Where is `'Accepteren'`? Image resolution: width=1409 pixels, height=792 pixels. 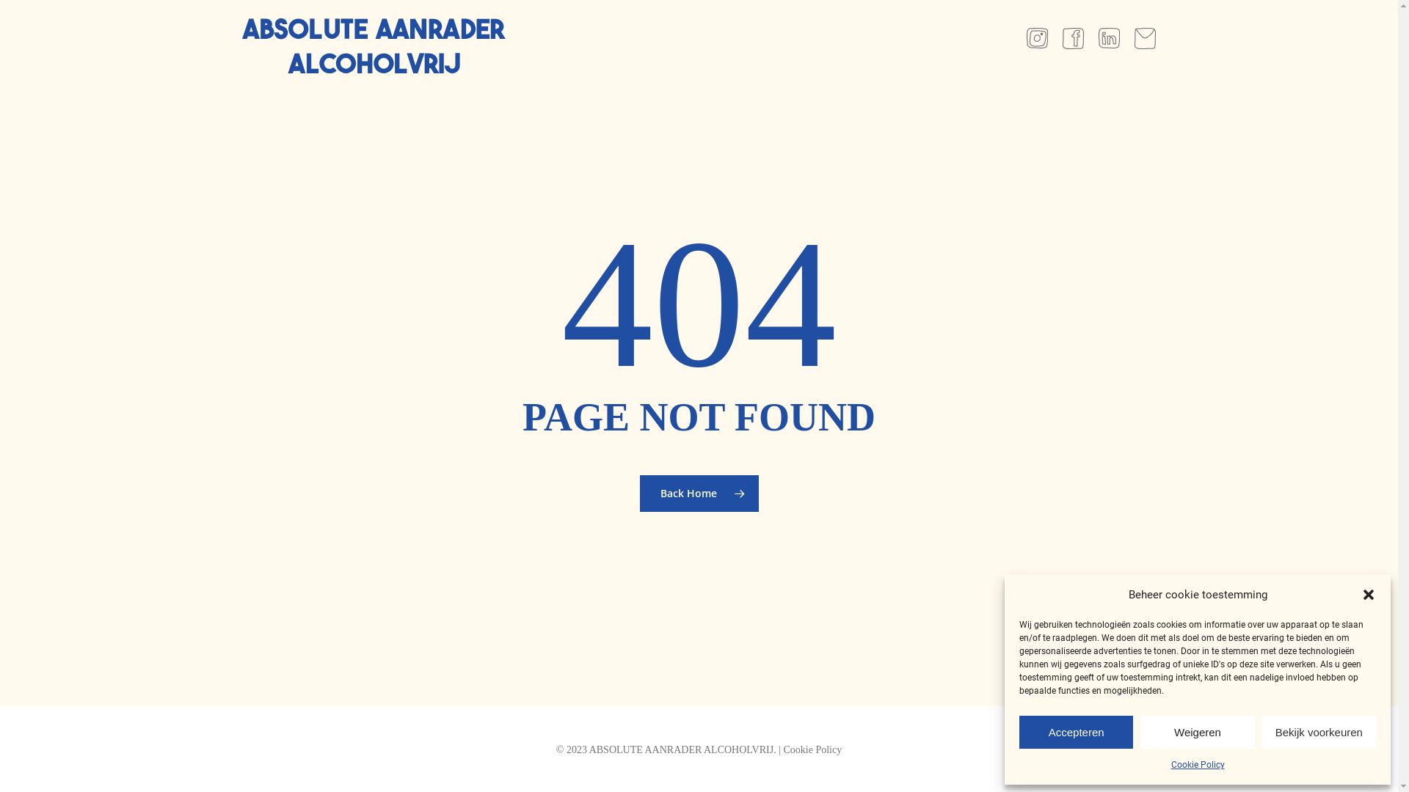
'Accepteren' is located at coordinates (1018, 732).